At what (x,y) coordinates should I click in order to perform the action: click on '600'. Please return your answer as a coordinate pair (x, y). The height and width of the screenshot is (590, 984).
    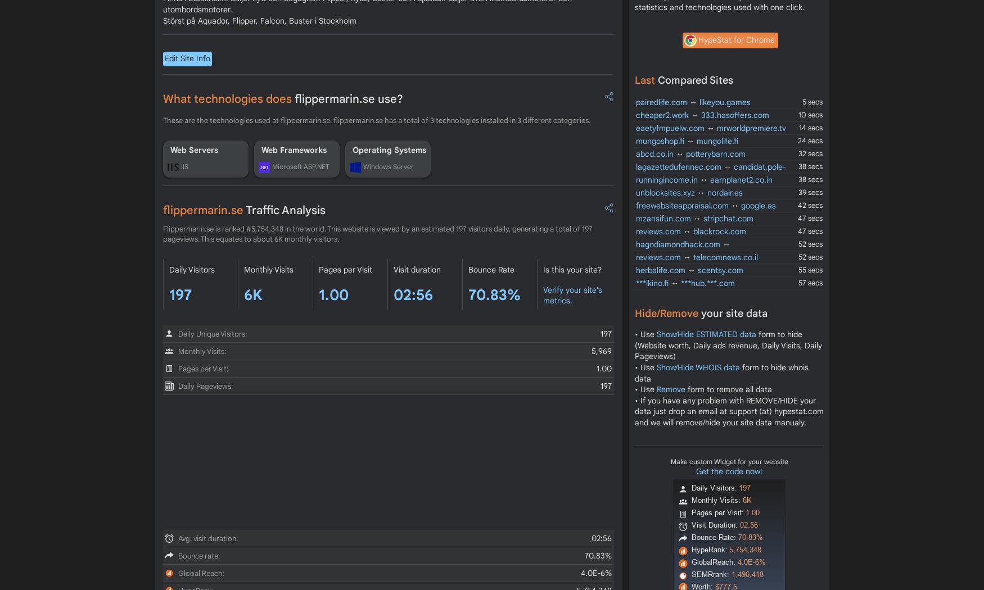
    Looking at the image, I should click on (315, 25).